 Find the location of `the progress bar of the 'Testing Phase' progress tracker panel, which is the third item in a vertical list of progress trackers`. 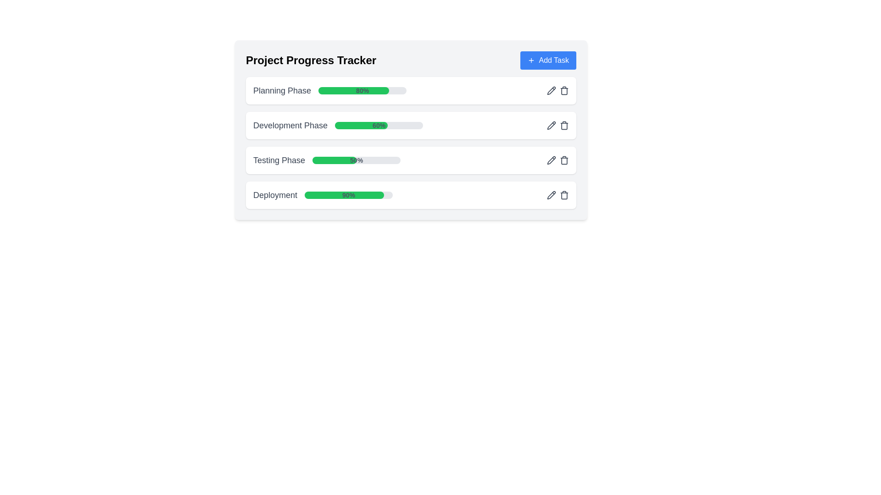

the progress bar of the 'Testing Phase' progress tracker panel, which is the third item in a vertical list of progress trackers is located at coordinates (411, 160).